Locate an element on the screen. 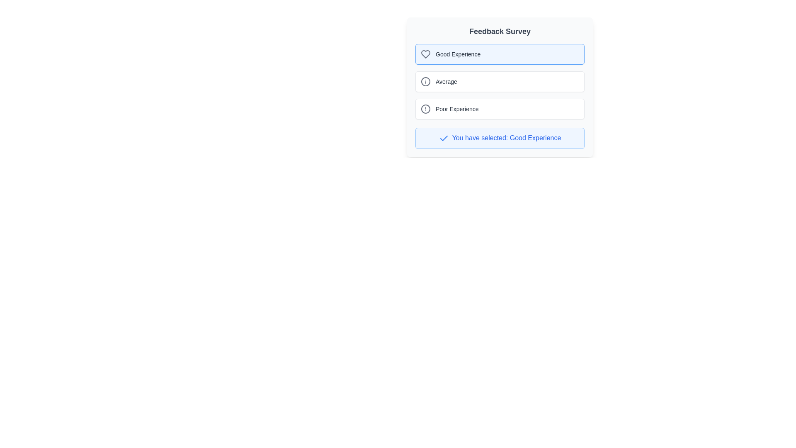 Image resolution: width=796 pixels, height=448 pixels. to select the 'Poor Experience' option in the feedback survey, which is the third selectable card in the vertically arranged group is located at coordinates (499, 108).